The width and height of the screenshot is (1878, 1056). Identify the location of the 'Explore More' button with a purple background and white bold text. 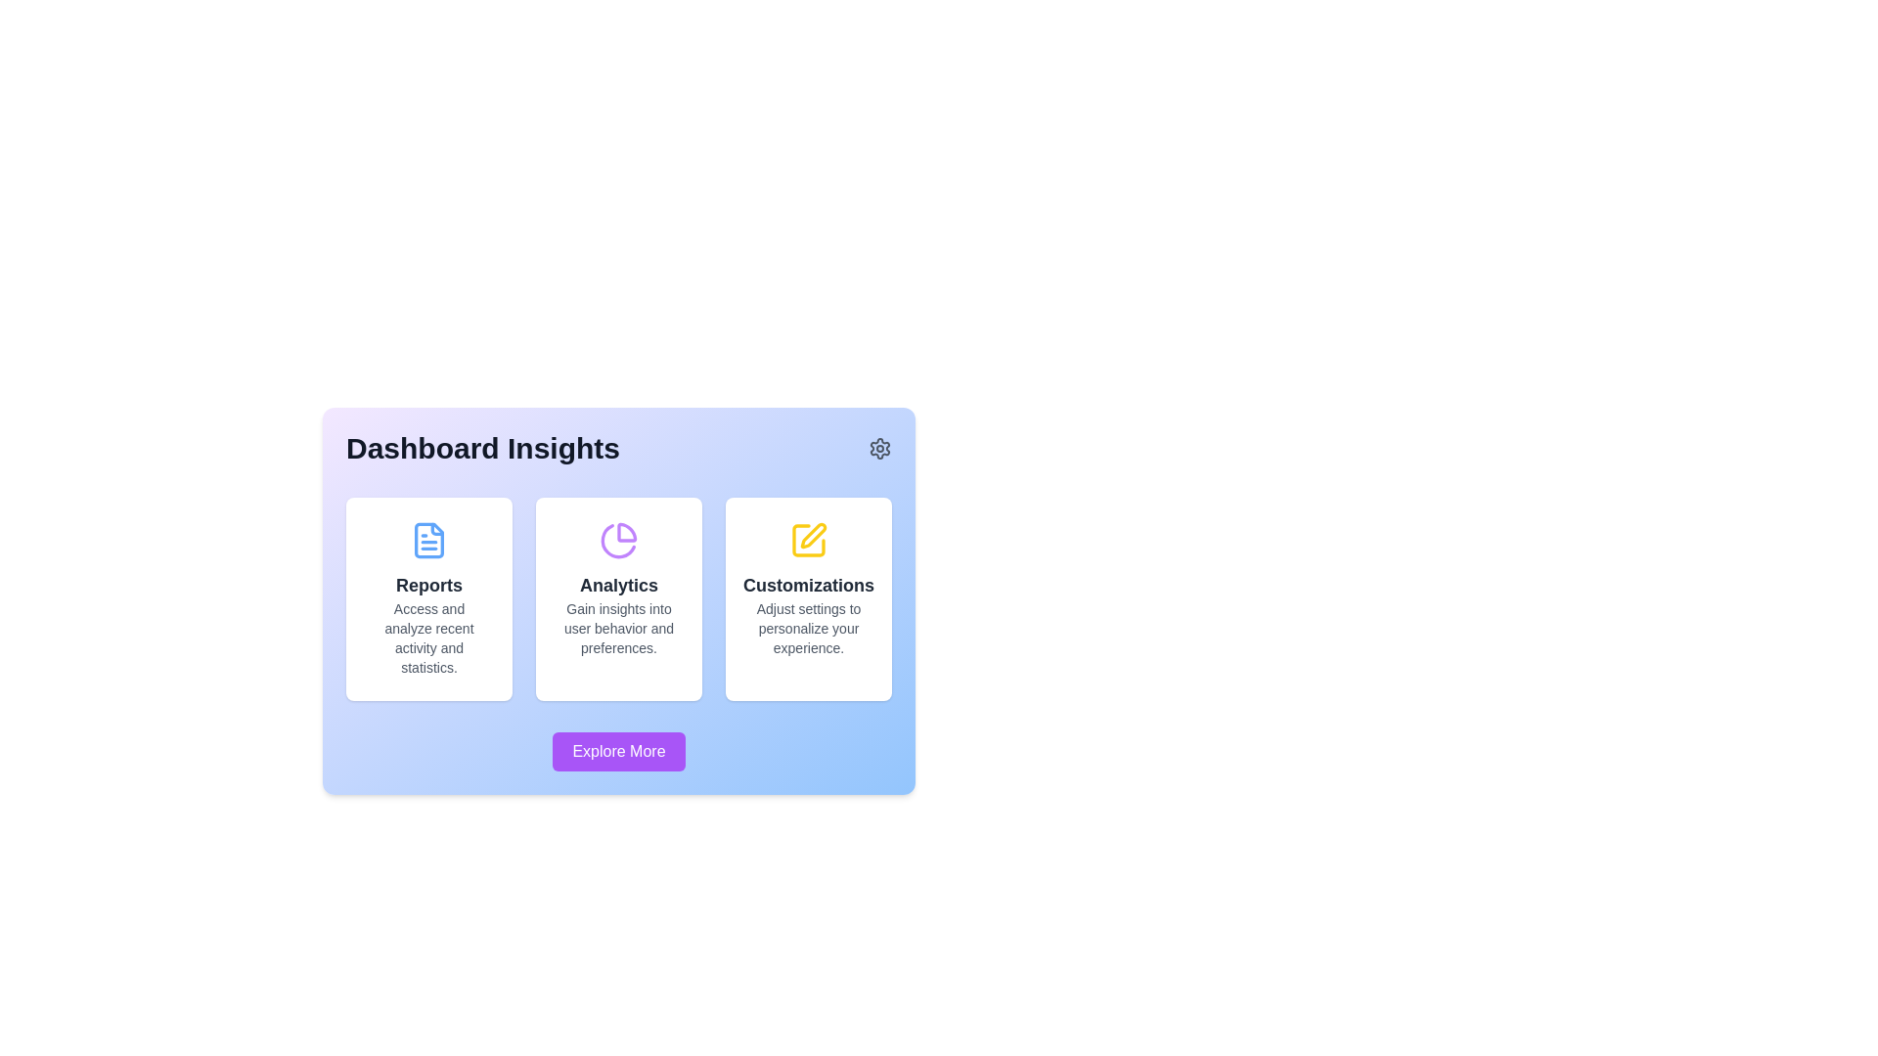
(618, 750).